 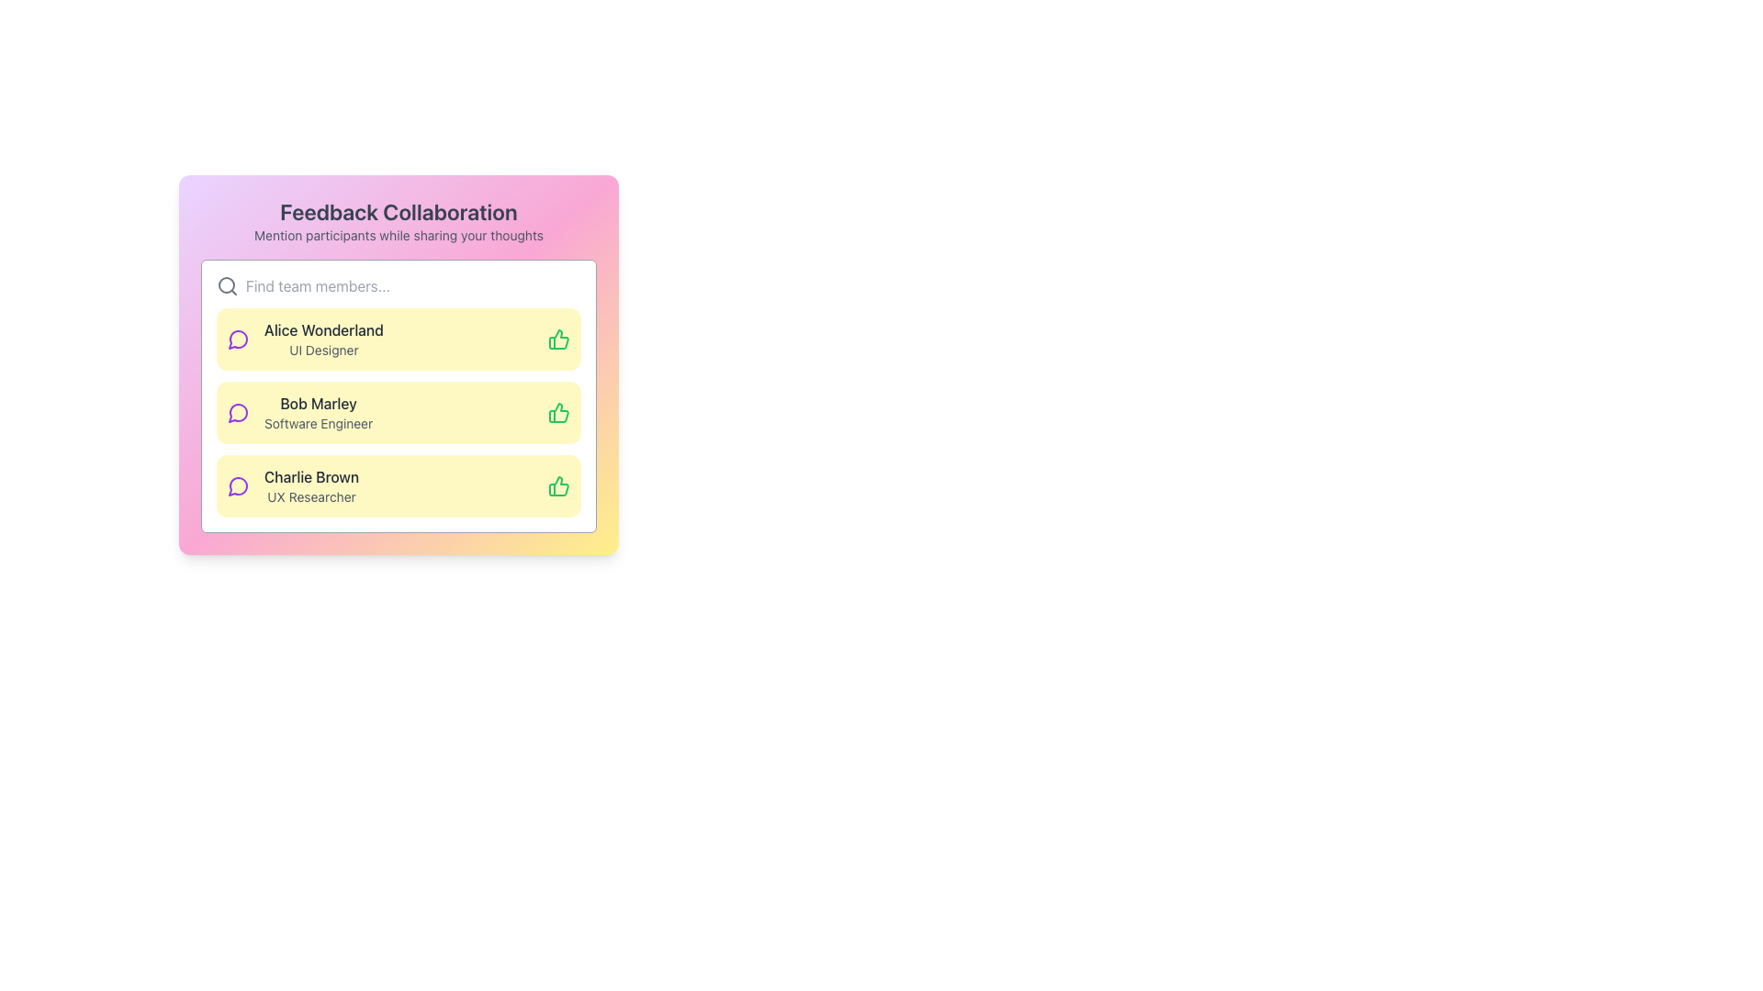 What do you see at coordinates (319, 424) in the screenshot?
I see `the text label displaying 'Software Engineer', which is located directly below the 'Bob Marley' text in the participant list` at bounding box center [319, 424].